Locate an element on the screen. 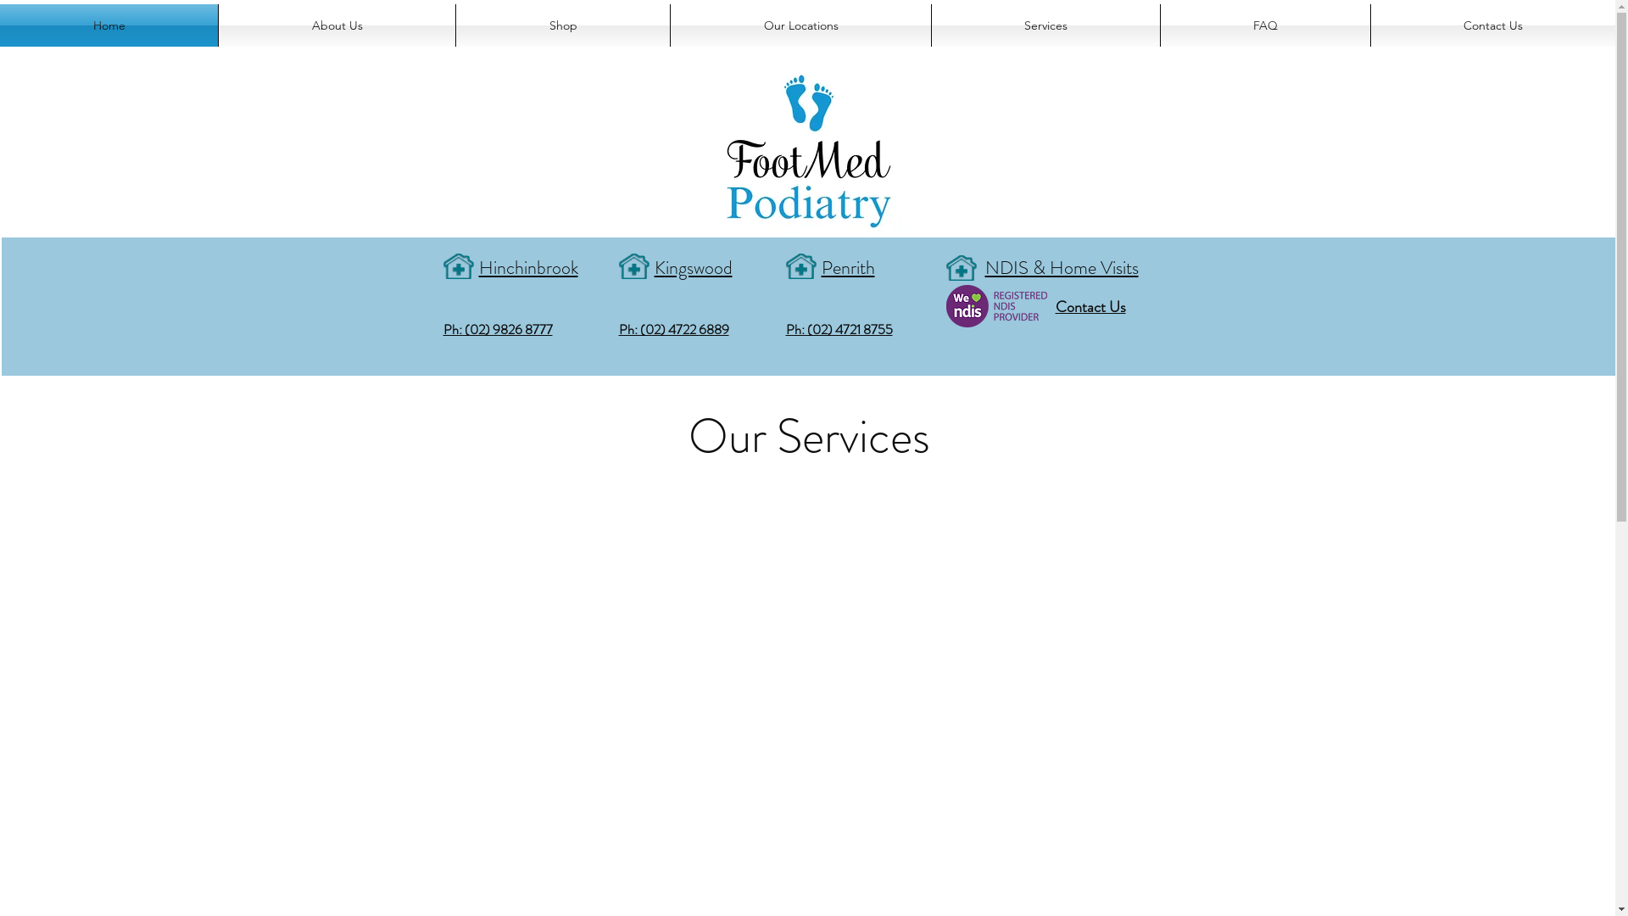  'Services' is located at coordinates (1045, 25).